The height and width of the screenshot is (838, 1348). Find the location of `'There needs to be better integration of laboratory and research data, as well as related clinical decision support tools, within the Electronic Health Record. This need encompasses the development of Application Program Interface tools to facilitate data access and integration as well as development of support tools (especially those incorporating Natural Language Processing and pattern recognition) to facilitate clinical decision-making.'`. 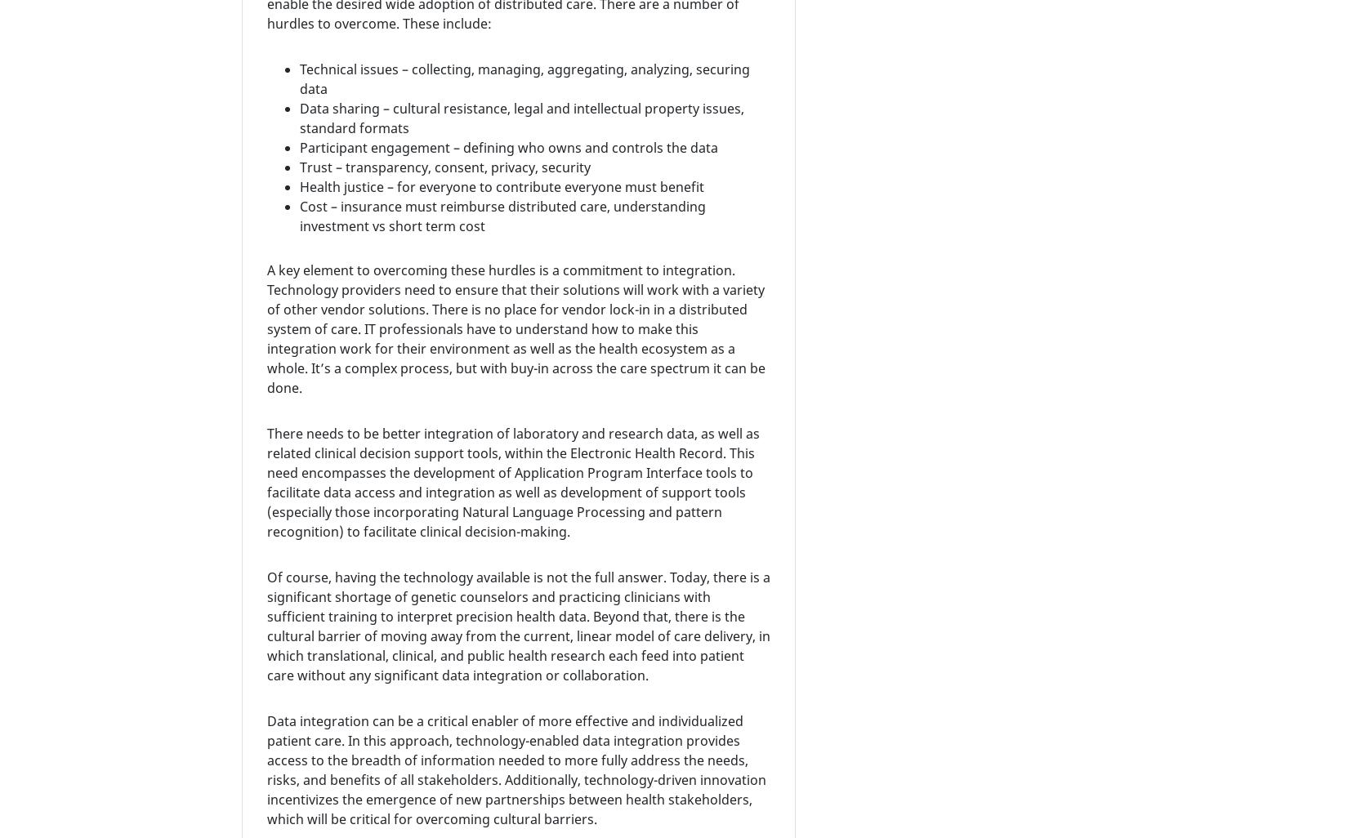

'There needs to be better integration of laboratory and research data, as well as related clinical decision support tools, within the Electronic Health Record. This need encompasses the development of Application Program Interface tools to facilitate data access and integration as well as development of support tools (especially those incorporating Natural Language Processing and pattern recognition) to facilitate clinical decision-making.' is located at coordinates (511, 480).